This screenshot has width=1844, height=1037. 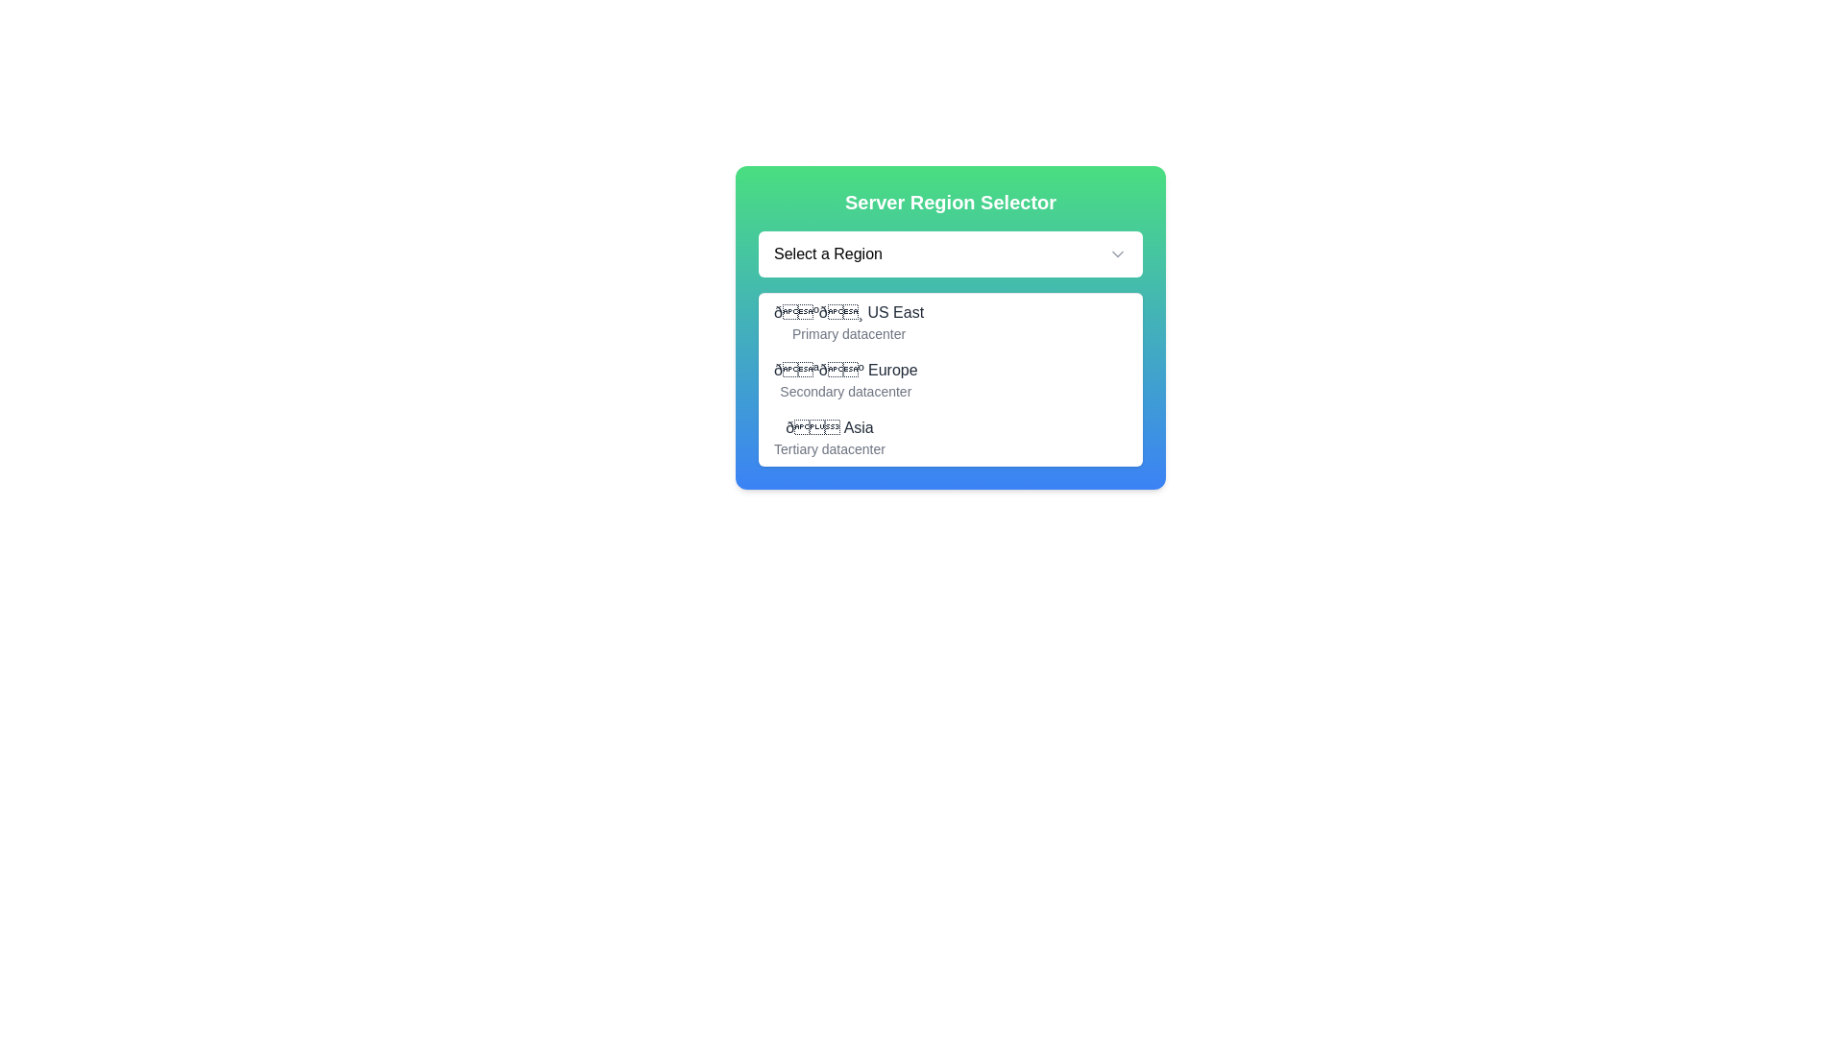 What do you see at coordinates (950, 380) in the screenshot?
I see `the second option in the 'Server Region Selector' dropdown menu` at bounding box center [950, 380].